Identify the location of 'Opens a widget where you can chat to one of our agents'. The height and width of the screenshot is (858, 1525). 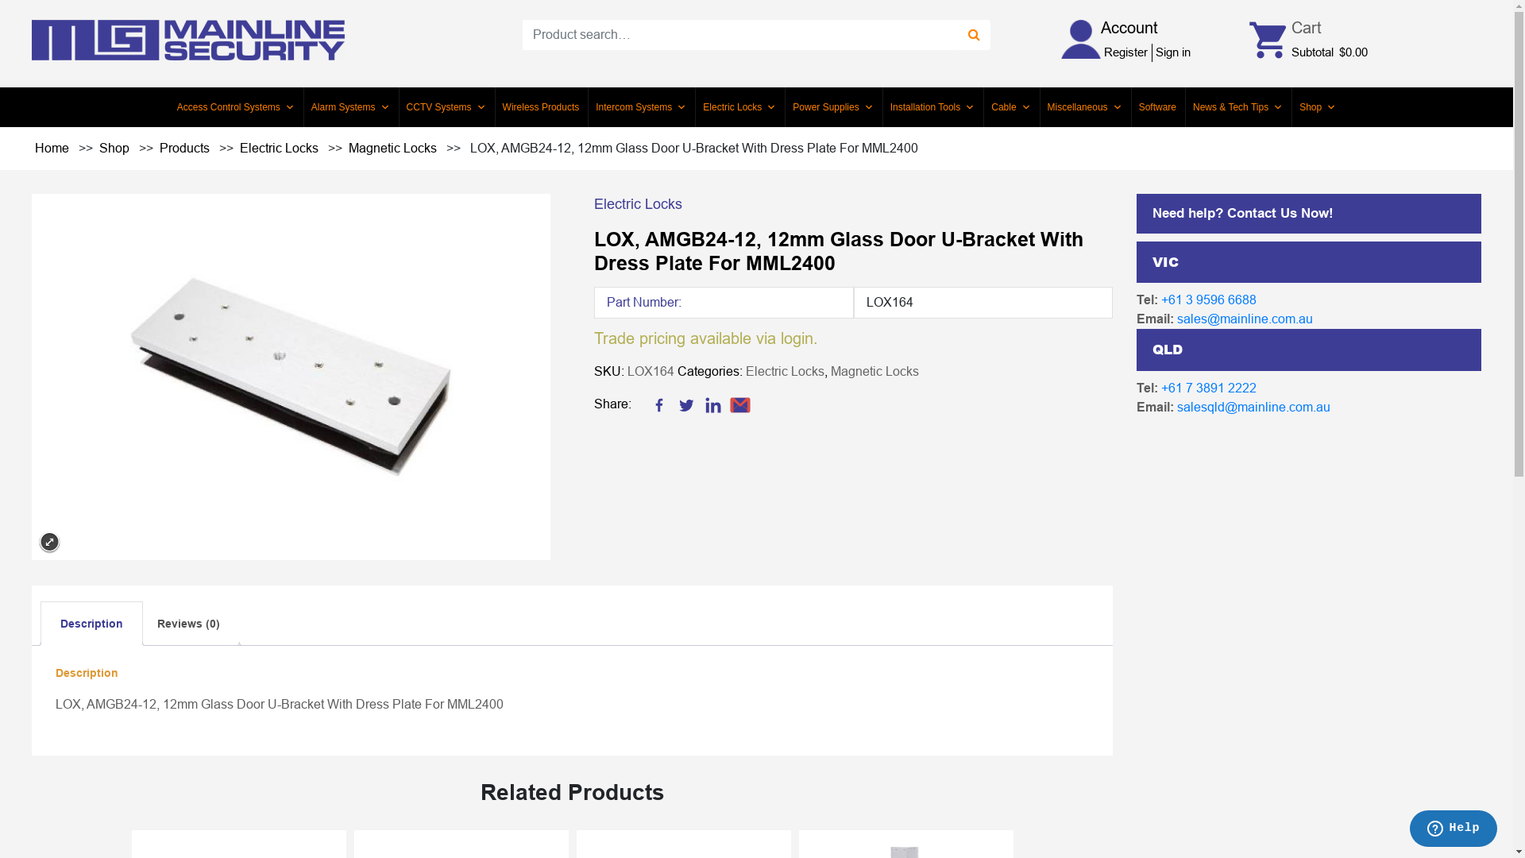
(1453, 829).